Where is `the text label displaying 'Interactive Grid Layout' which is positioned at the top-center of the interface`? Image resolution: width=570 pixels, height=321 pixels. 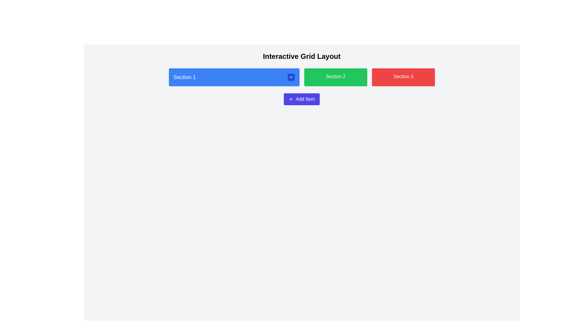 the text label displaying 'Interactive Grid Layout' which is positioned at the top-center of the interface is located at coordinates (302, 56).